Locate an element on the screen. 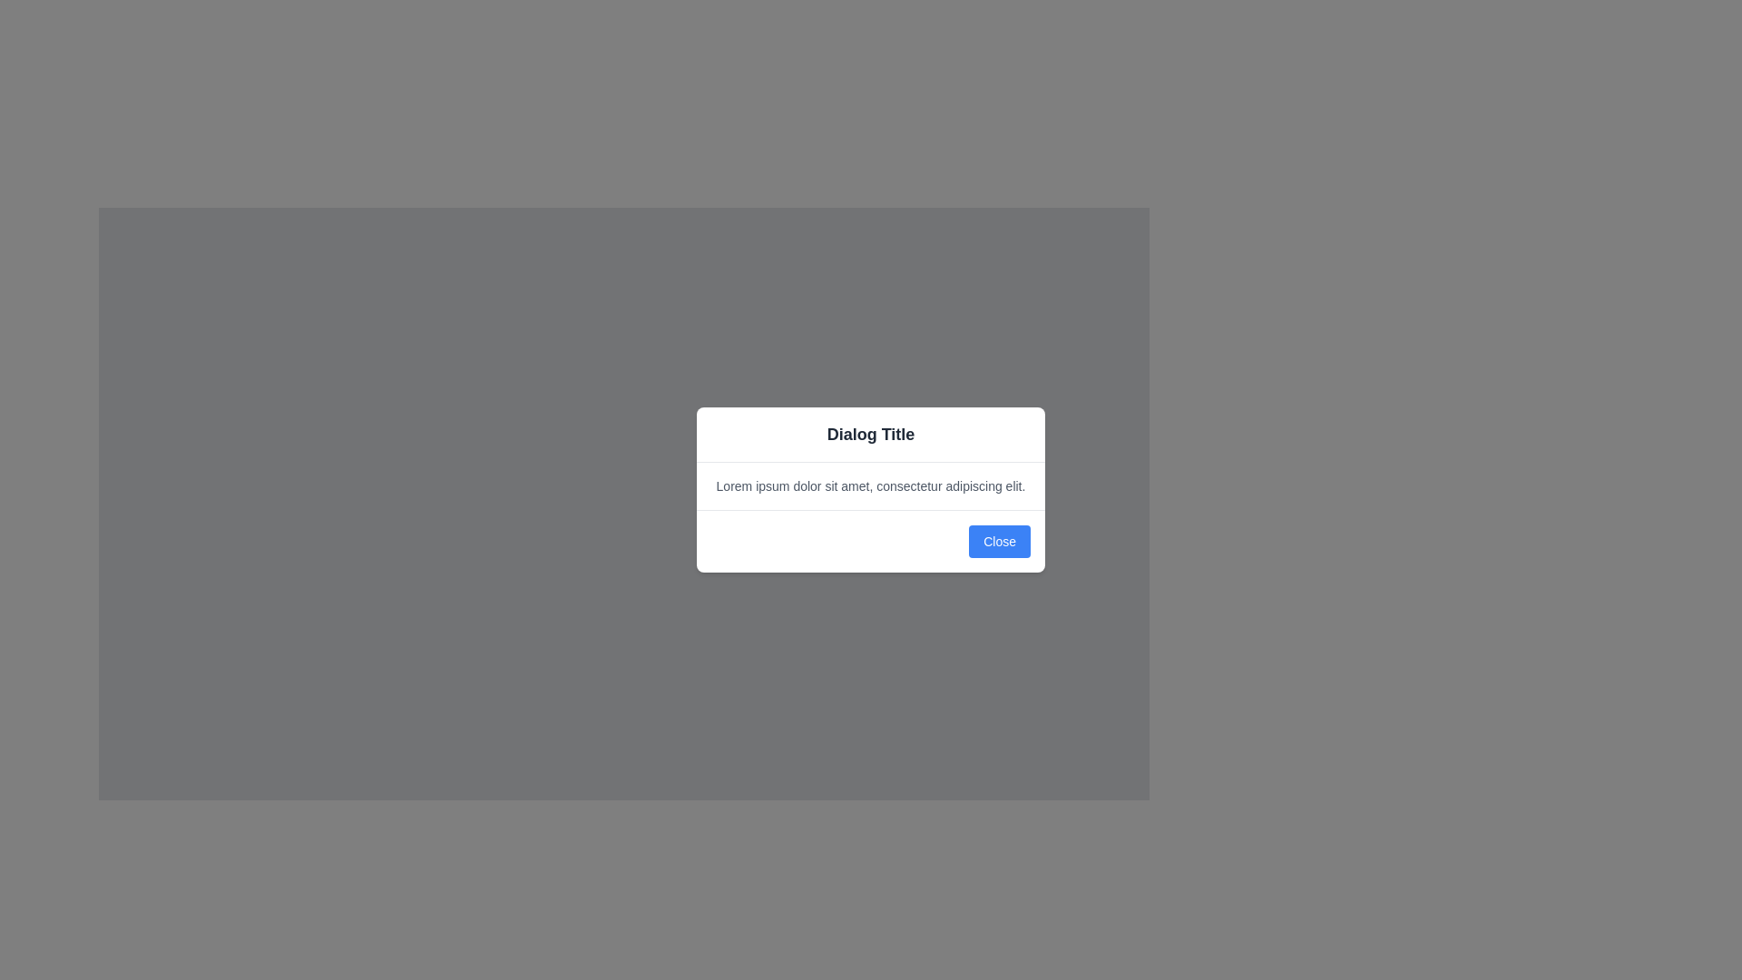 The width and height of the screenshot is (1742, 980). the close button located at the bottom-right corner of the dialog box is located at coordinates (999, 541).